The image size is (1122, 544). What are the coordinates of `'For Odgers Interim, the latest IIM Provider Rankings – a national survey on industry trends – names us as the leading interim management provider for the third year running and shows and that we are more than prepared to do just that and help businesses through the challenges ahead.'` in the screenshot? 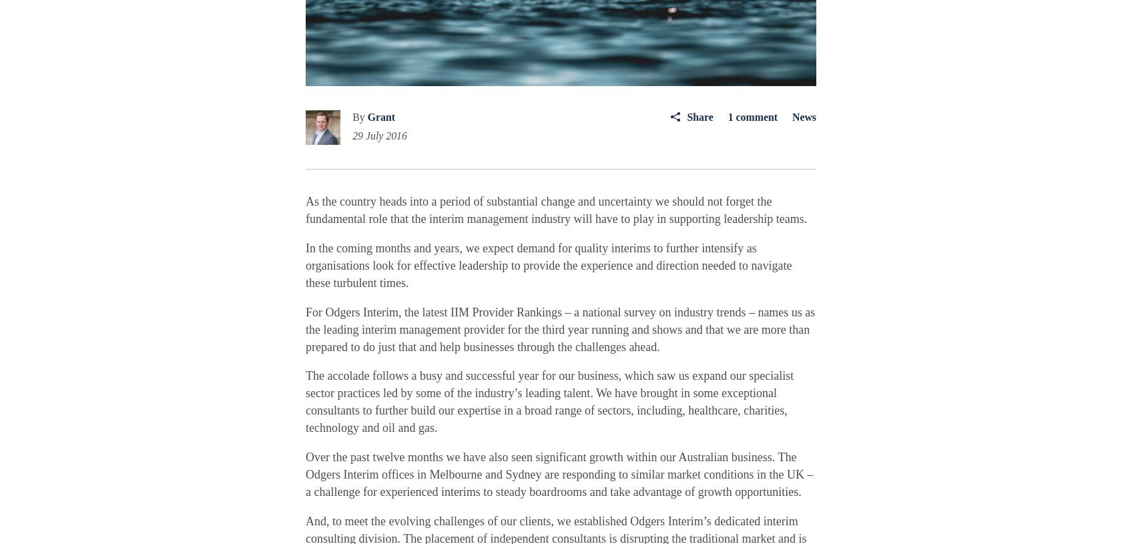 It's located at (559, 328).